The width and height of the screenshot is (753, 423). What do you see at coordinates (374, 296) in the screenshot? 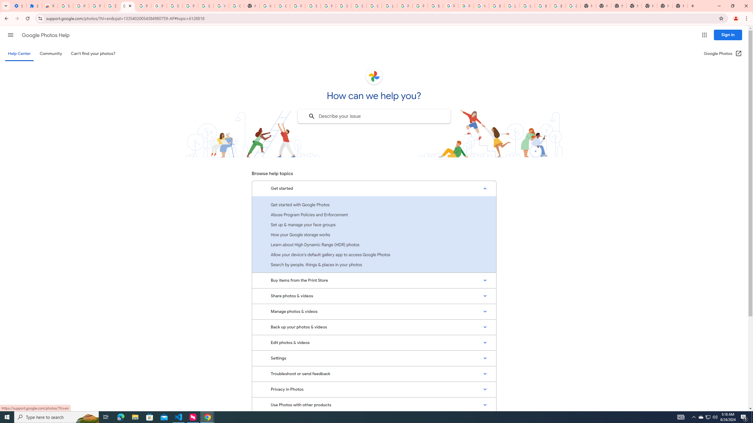
I see `'Share photos & videos'` at bounding box center [374, 296].